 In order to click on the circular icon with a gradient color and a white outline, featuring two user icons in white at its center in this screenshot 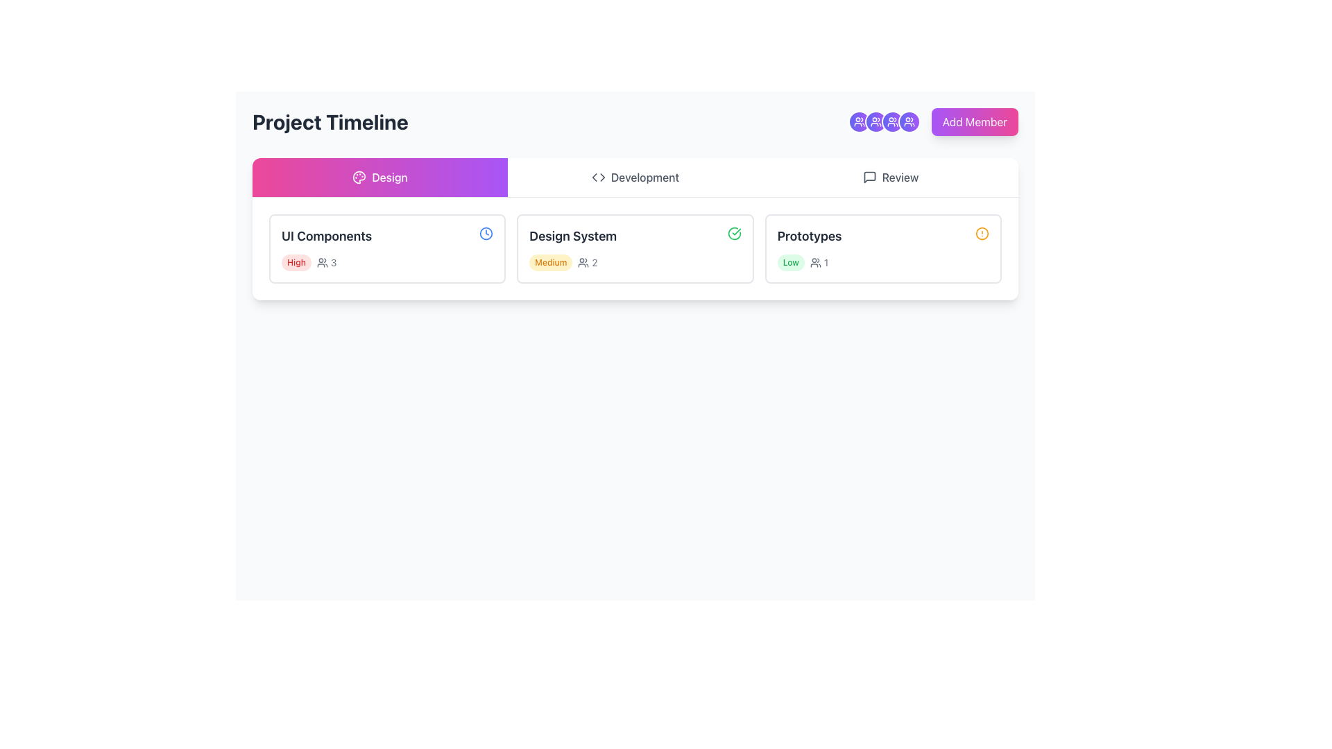, I will do `click(909, 121)`.